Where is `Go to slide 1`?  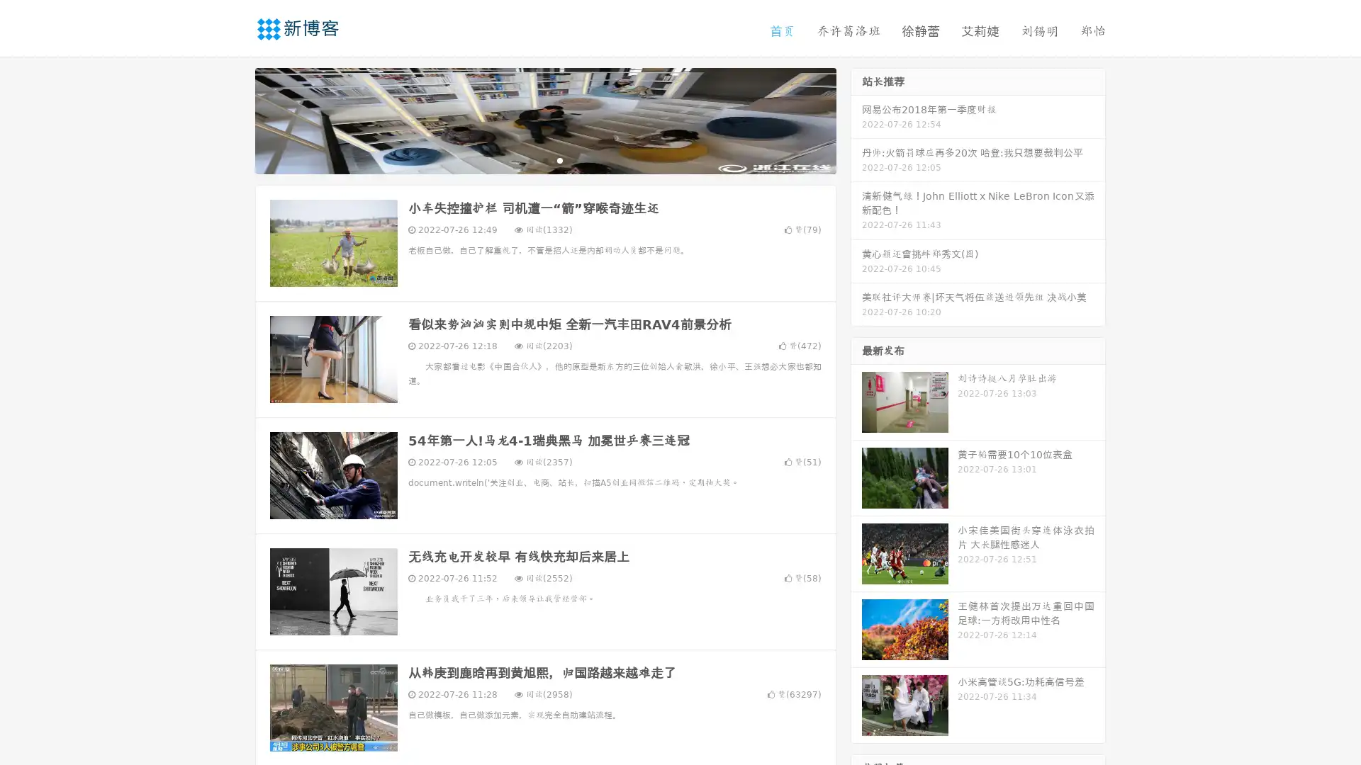 Go to slide 1 is located at coordinates (530, 159).